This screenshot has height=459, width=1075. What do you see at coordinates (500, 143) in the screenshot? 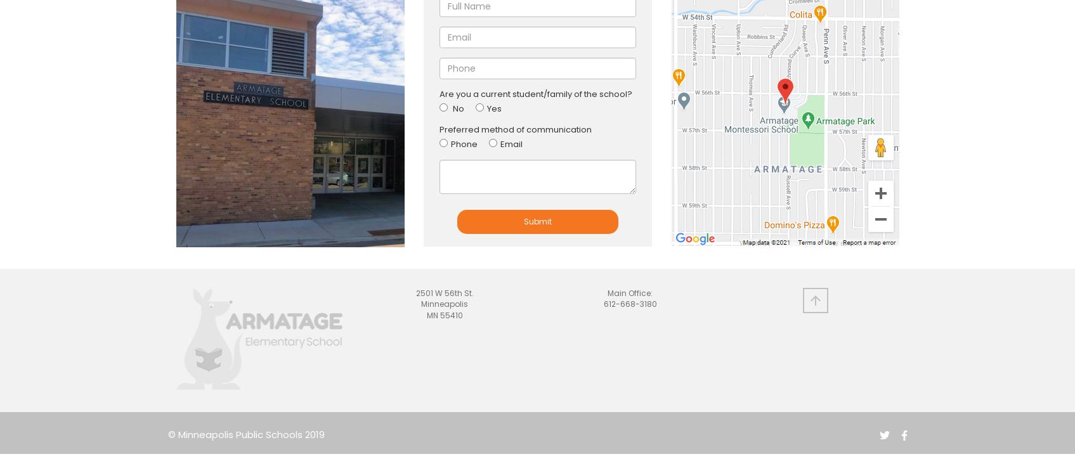
I see `'Email'` at bounding box center [500, 143].